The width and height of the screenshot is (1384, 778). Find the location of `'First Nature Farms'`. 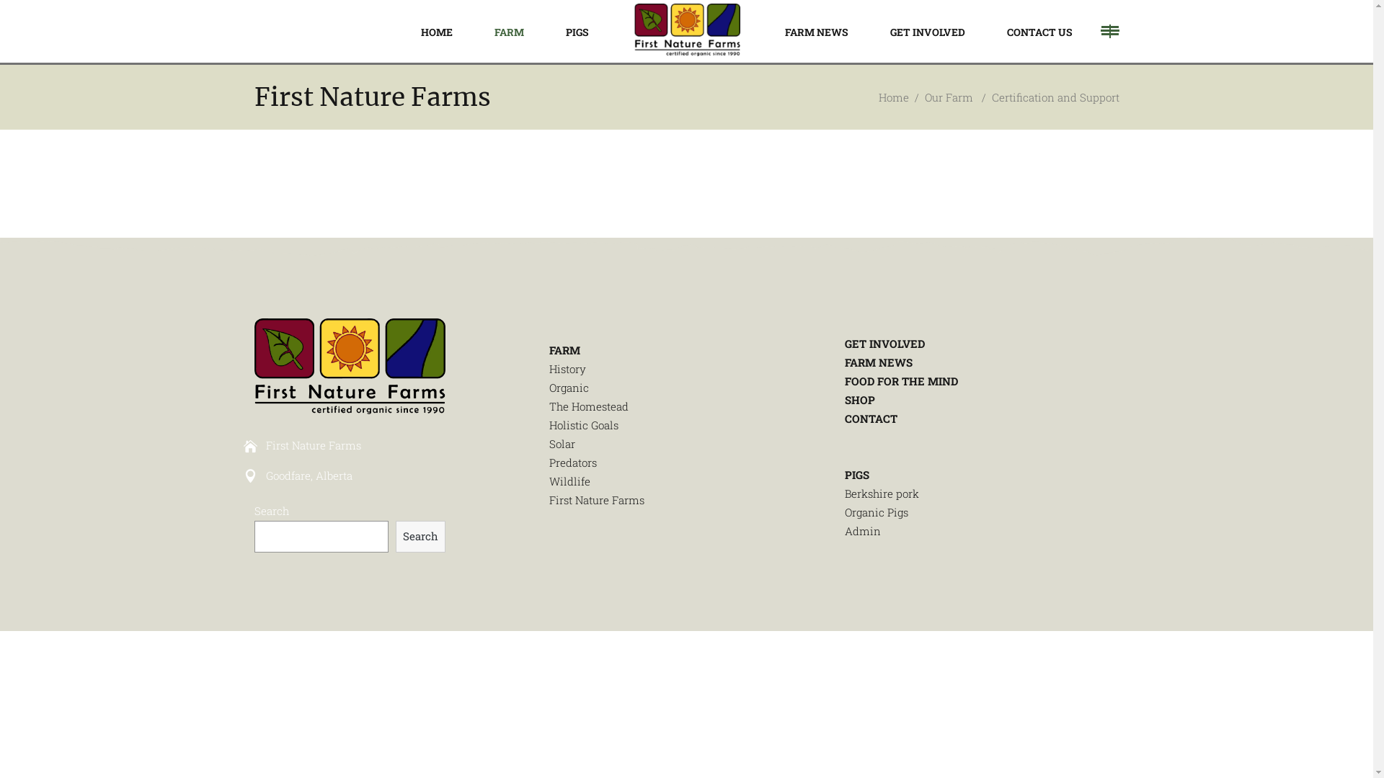

'First Nature Farms' is located at coordinates (597, 499).